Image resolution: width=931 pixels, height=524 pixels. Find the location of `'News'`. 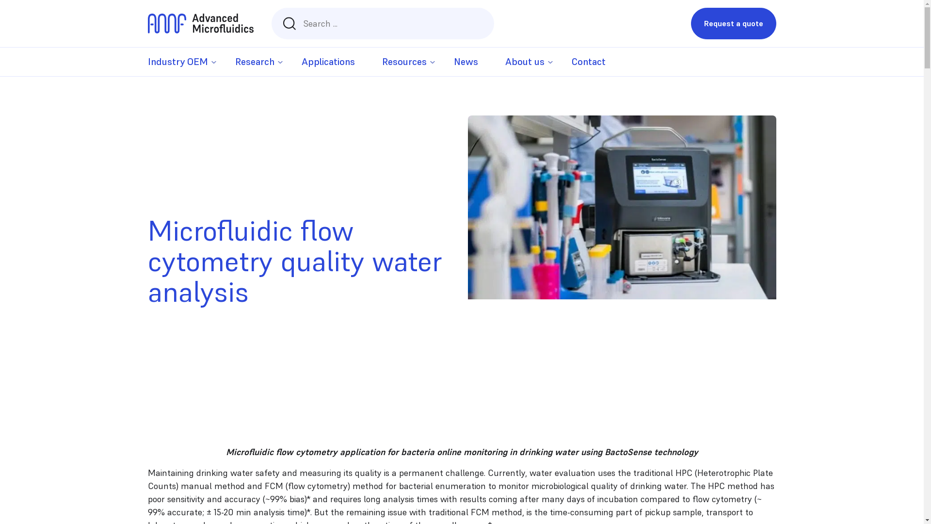

'News' is located at coordinates (465, 62).